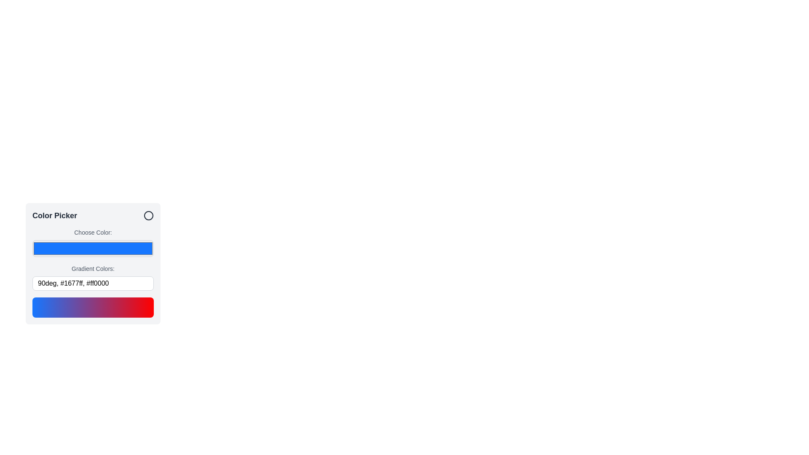 This screenshot has width=809, height=455. Describe the element at coordinates (54, 215) in the screenshot. I see `text of the 'Color Picker' label, which is displayed in bold, large, dark gray text at the top-left area of the color selection section` at that location.